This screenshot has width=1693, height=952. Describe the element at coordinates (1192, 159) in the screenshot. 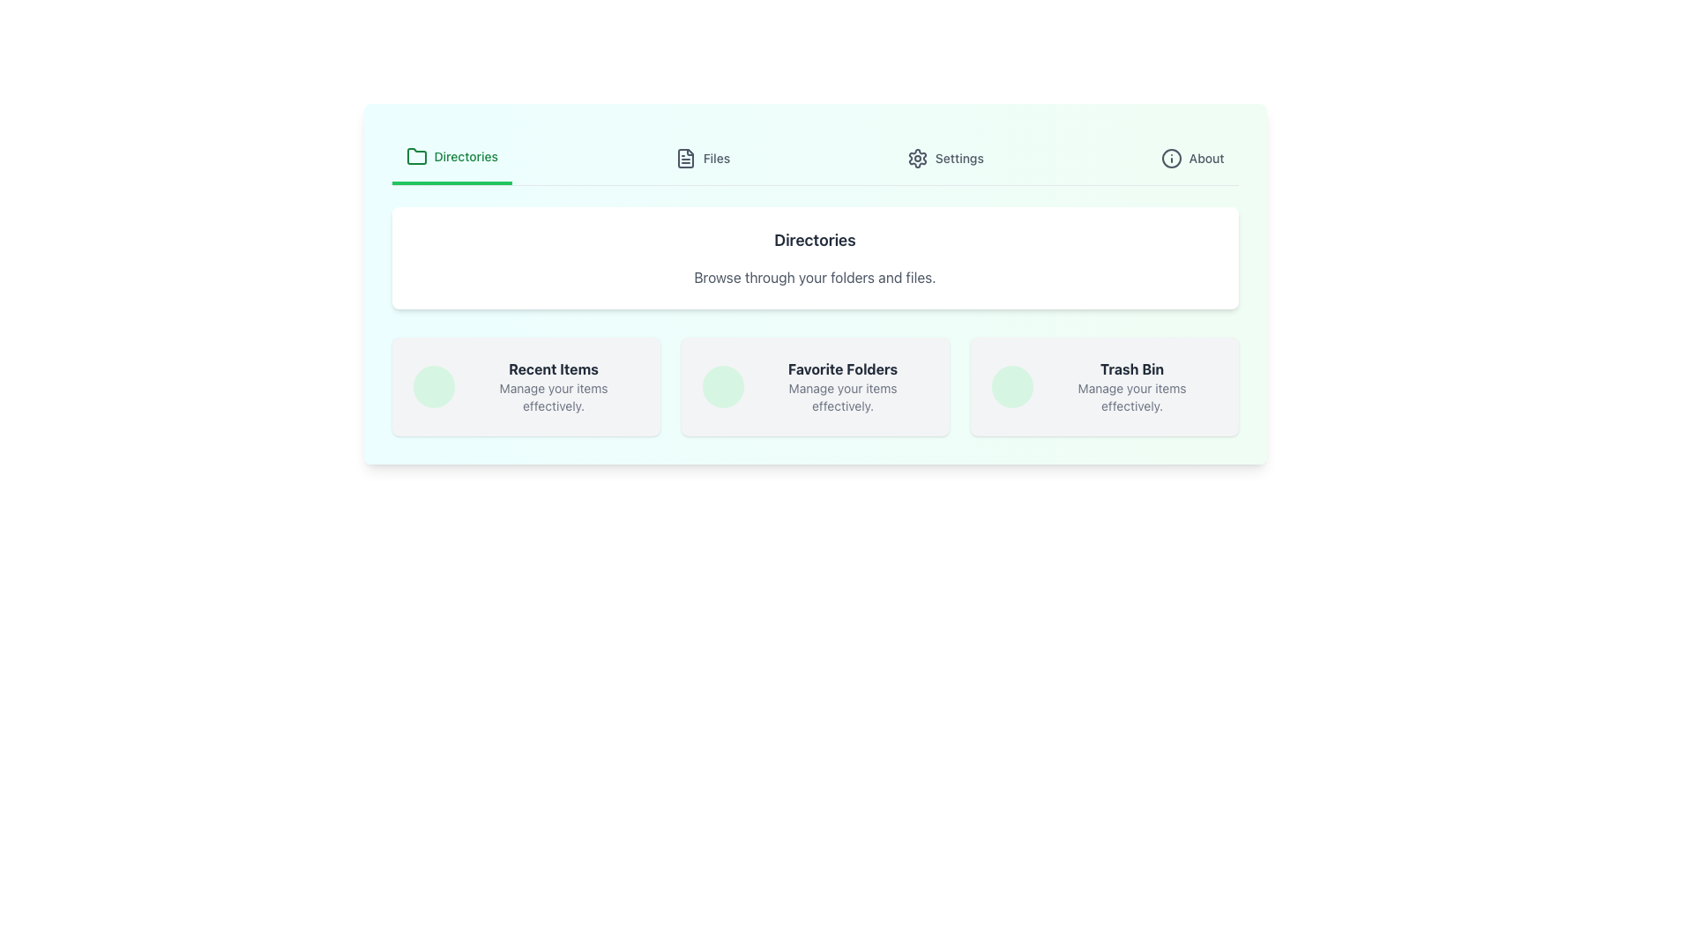

I see `the 'About' button located in the top-right corner of the menu bar` at that location.